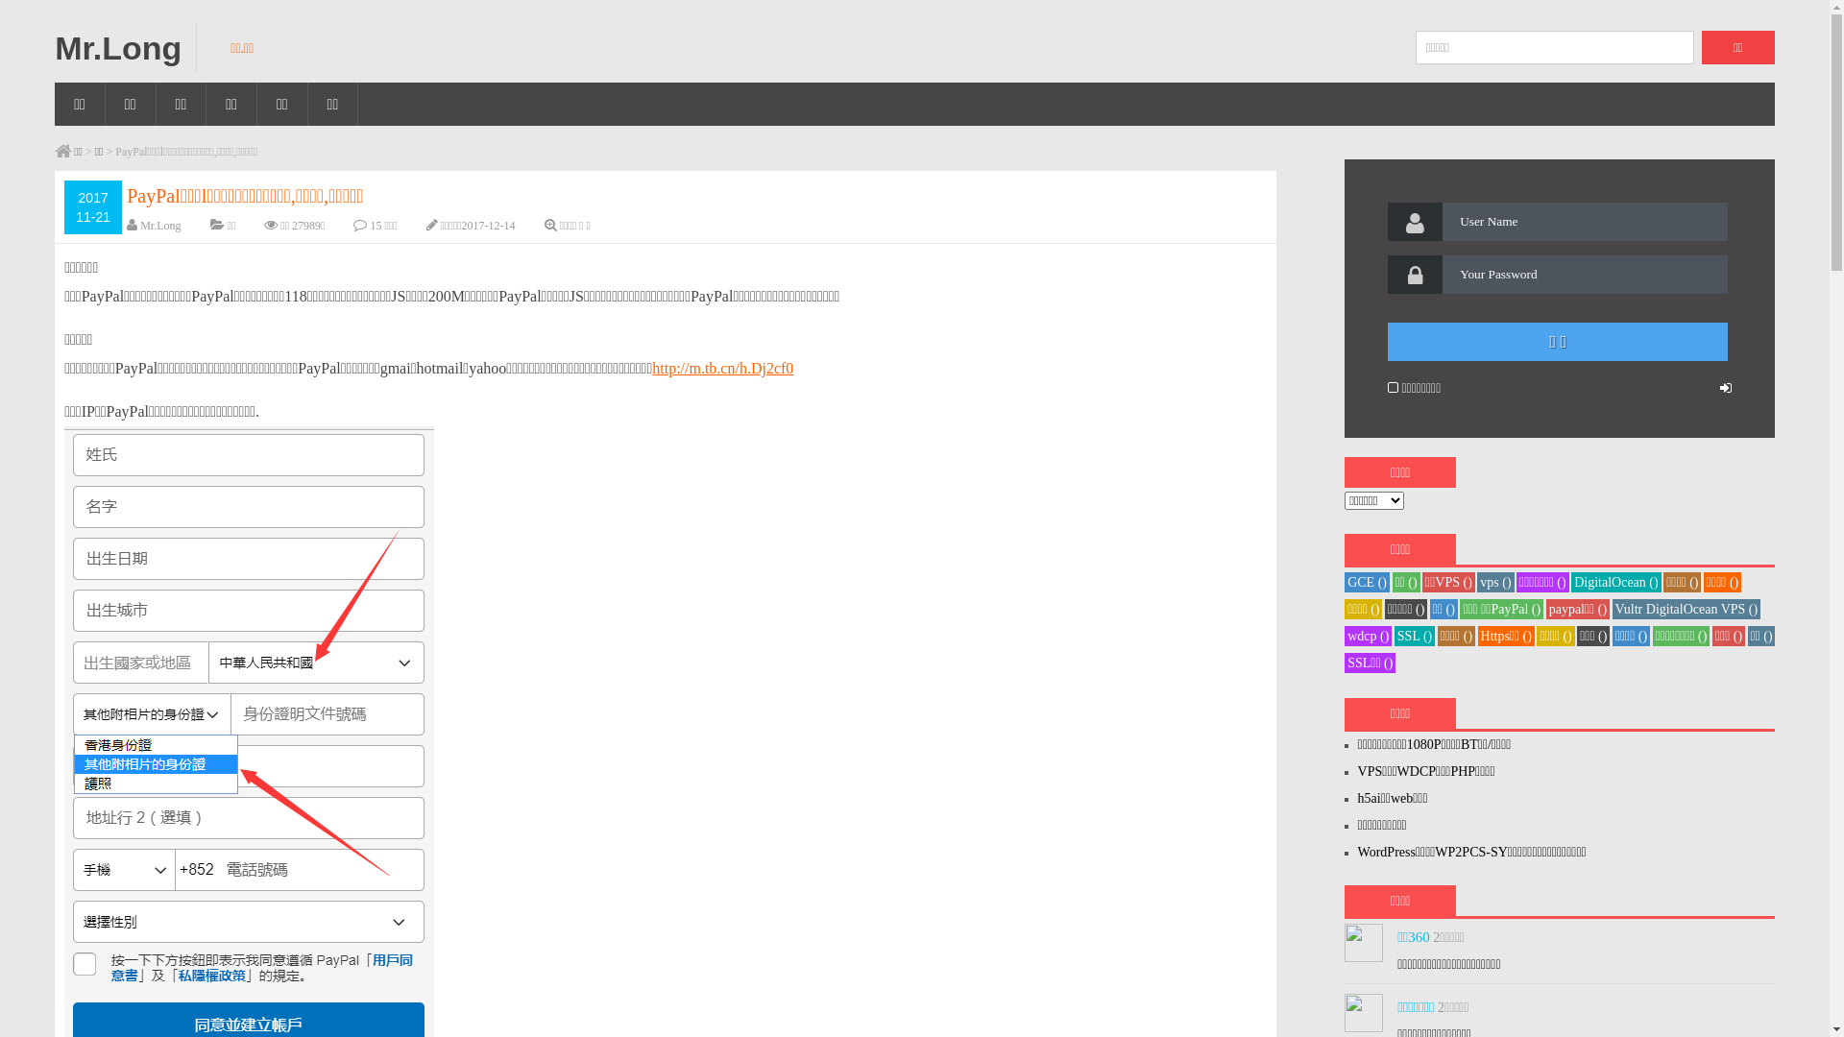 Image resolution: width=1844 pixels, height=1037 pixels. I want to click on 'GCE ()', so click(1366, 581).